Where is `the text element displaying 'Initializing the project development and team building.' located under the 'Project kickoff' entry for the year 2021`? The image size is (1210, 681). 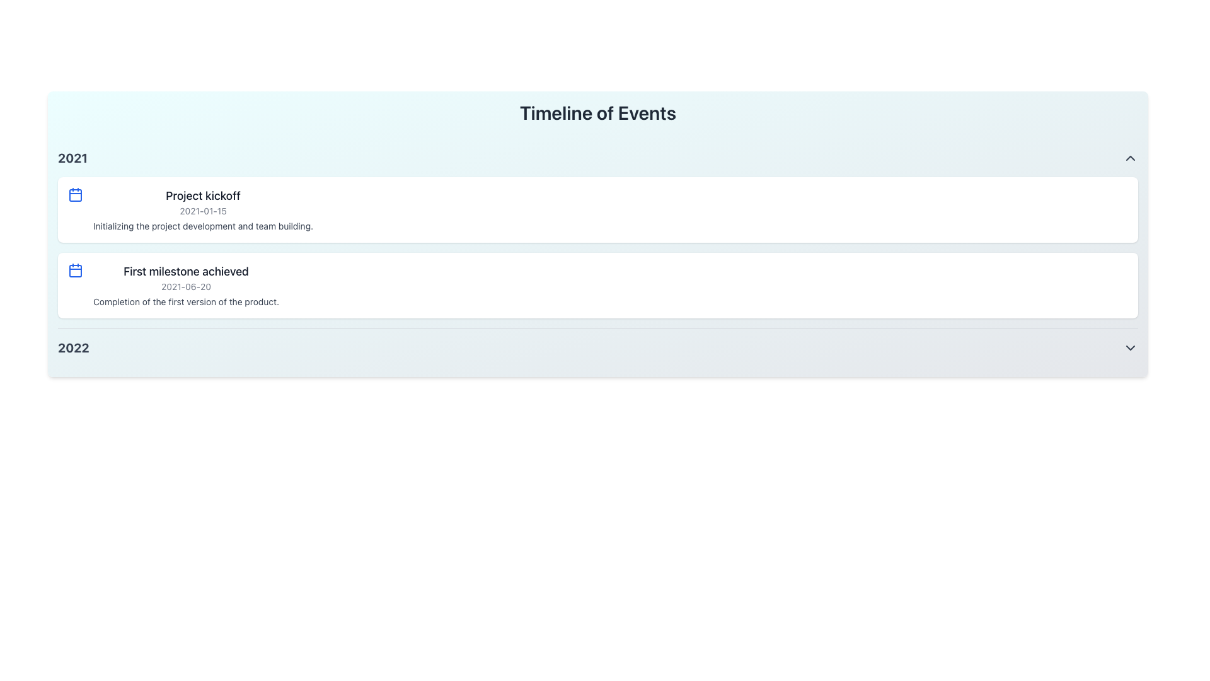
the text element displaying 'Initializing the project development and team building.' located under the 'Project kickoff' entry for the year 2021 is located at coordinates (203, 225).